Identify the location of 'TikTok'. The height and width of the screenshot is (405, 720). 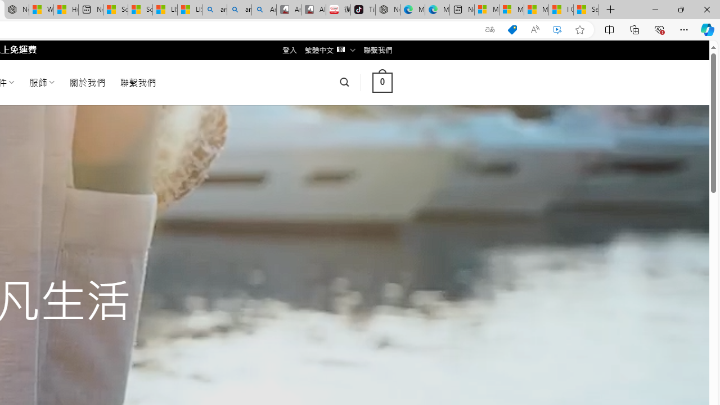
(363, 10).